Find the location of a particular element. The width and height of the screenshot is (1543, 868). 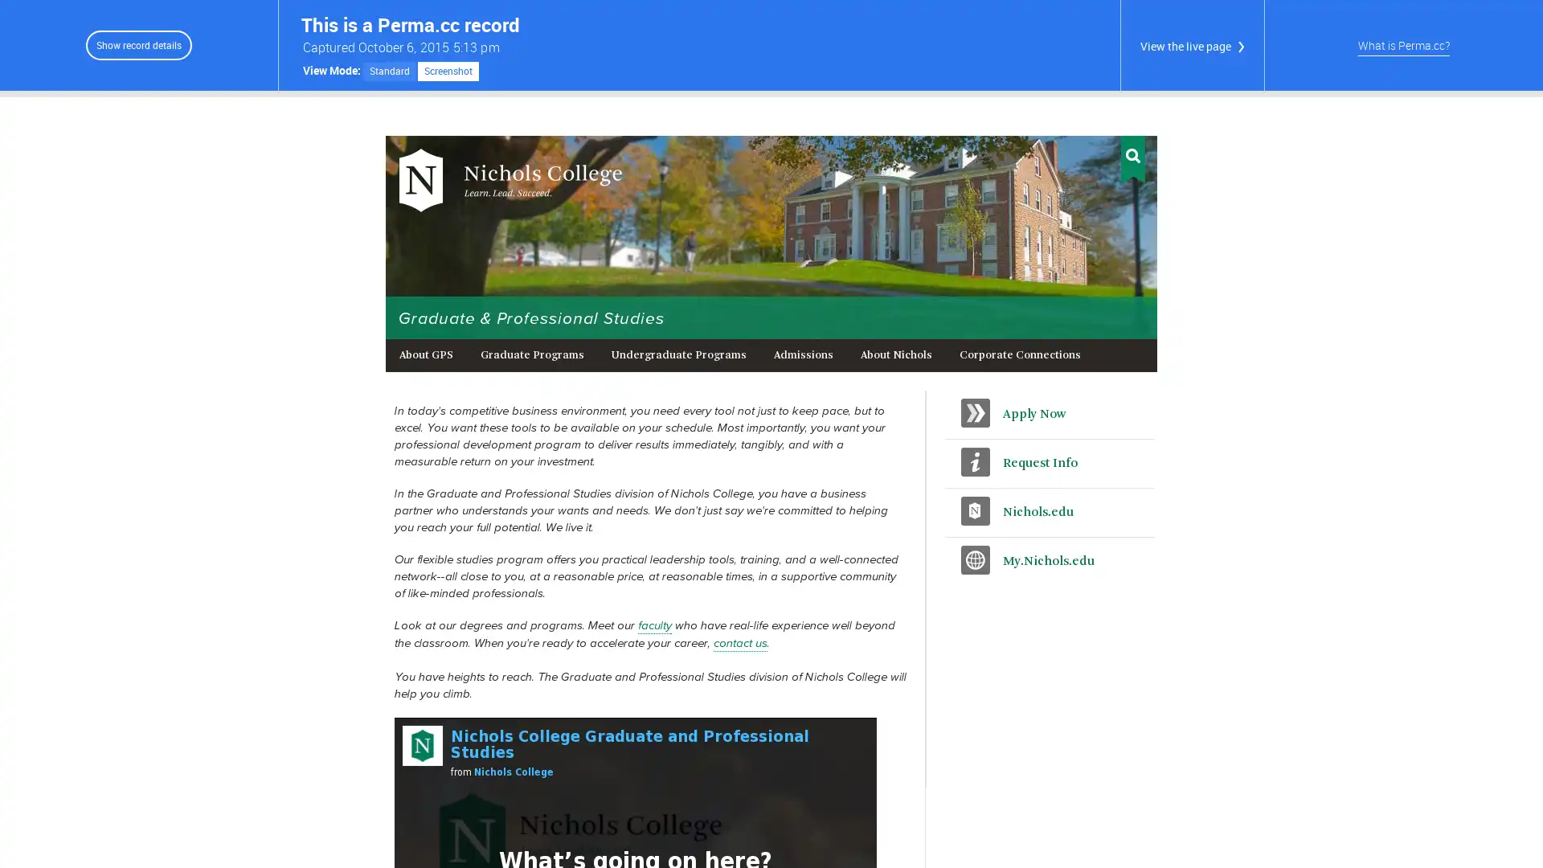

Show record details is located at coordinates (138, 44).